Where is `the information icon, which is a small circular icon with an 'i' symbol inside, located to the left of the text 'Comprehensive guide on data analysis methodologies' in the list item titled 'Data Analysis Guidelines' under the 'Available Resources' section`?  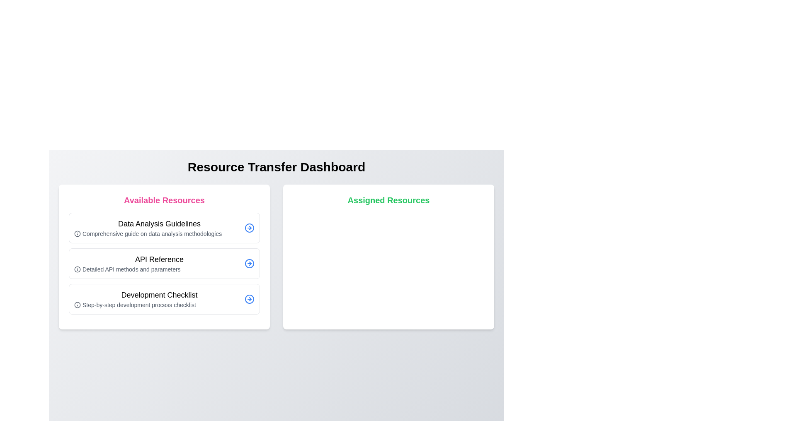 the information icon, which is a small circular icon with an 'i' symbol inside, located to the left of the text 'Comprehensive guide on data analysis methodologies' in the list item titled 'Data Analysis Guidelines' under the 'Available Resources' section is located at coordinates (78, 233).